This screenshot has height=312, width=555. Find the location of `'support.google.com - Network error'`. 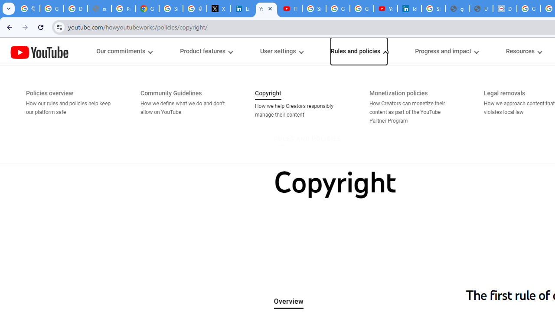

'support.google.com - Network error' is located at coordinates (99, 9).